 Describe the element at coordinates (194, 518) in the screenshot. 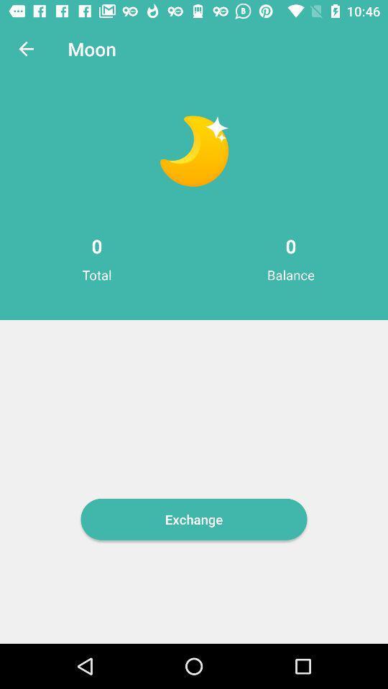

I see `exchange item` at that location.